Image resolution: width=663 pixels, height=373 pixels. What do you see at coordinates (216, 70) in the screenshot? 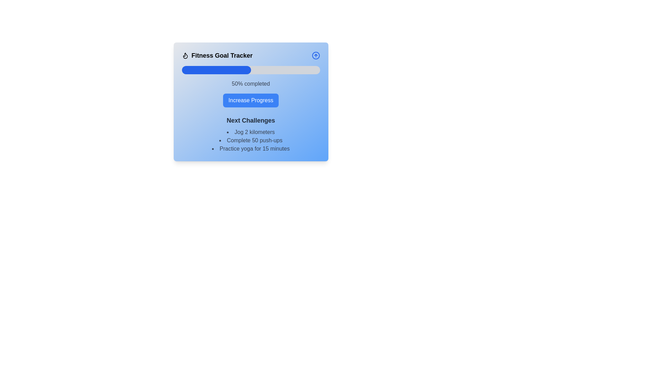
I see `the progress bar indicator that represents the completion level of a task in the 'Fitness Goal Tracker' card` at bounding box center [216, 70].